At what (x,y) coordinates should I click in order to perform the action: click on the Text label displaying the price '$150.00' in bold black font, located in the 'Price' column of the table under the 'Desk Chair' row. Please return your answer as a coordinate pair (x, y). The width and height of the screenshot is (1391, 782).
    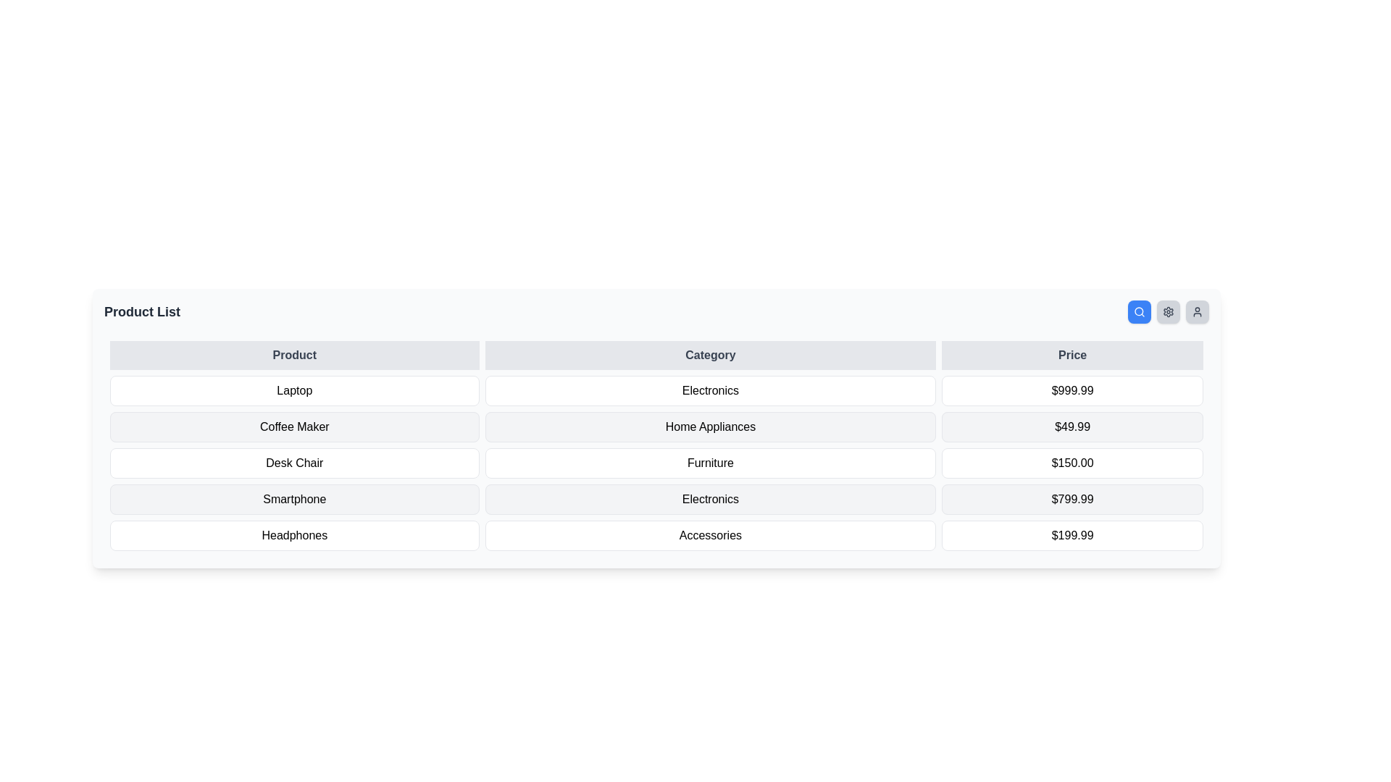
    Looking at the image, I should click on (1072, 463).